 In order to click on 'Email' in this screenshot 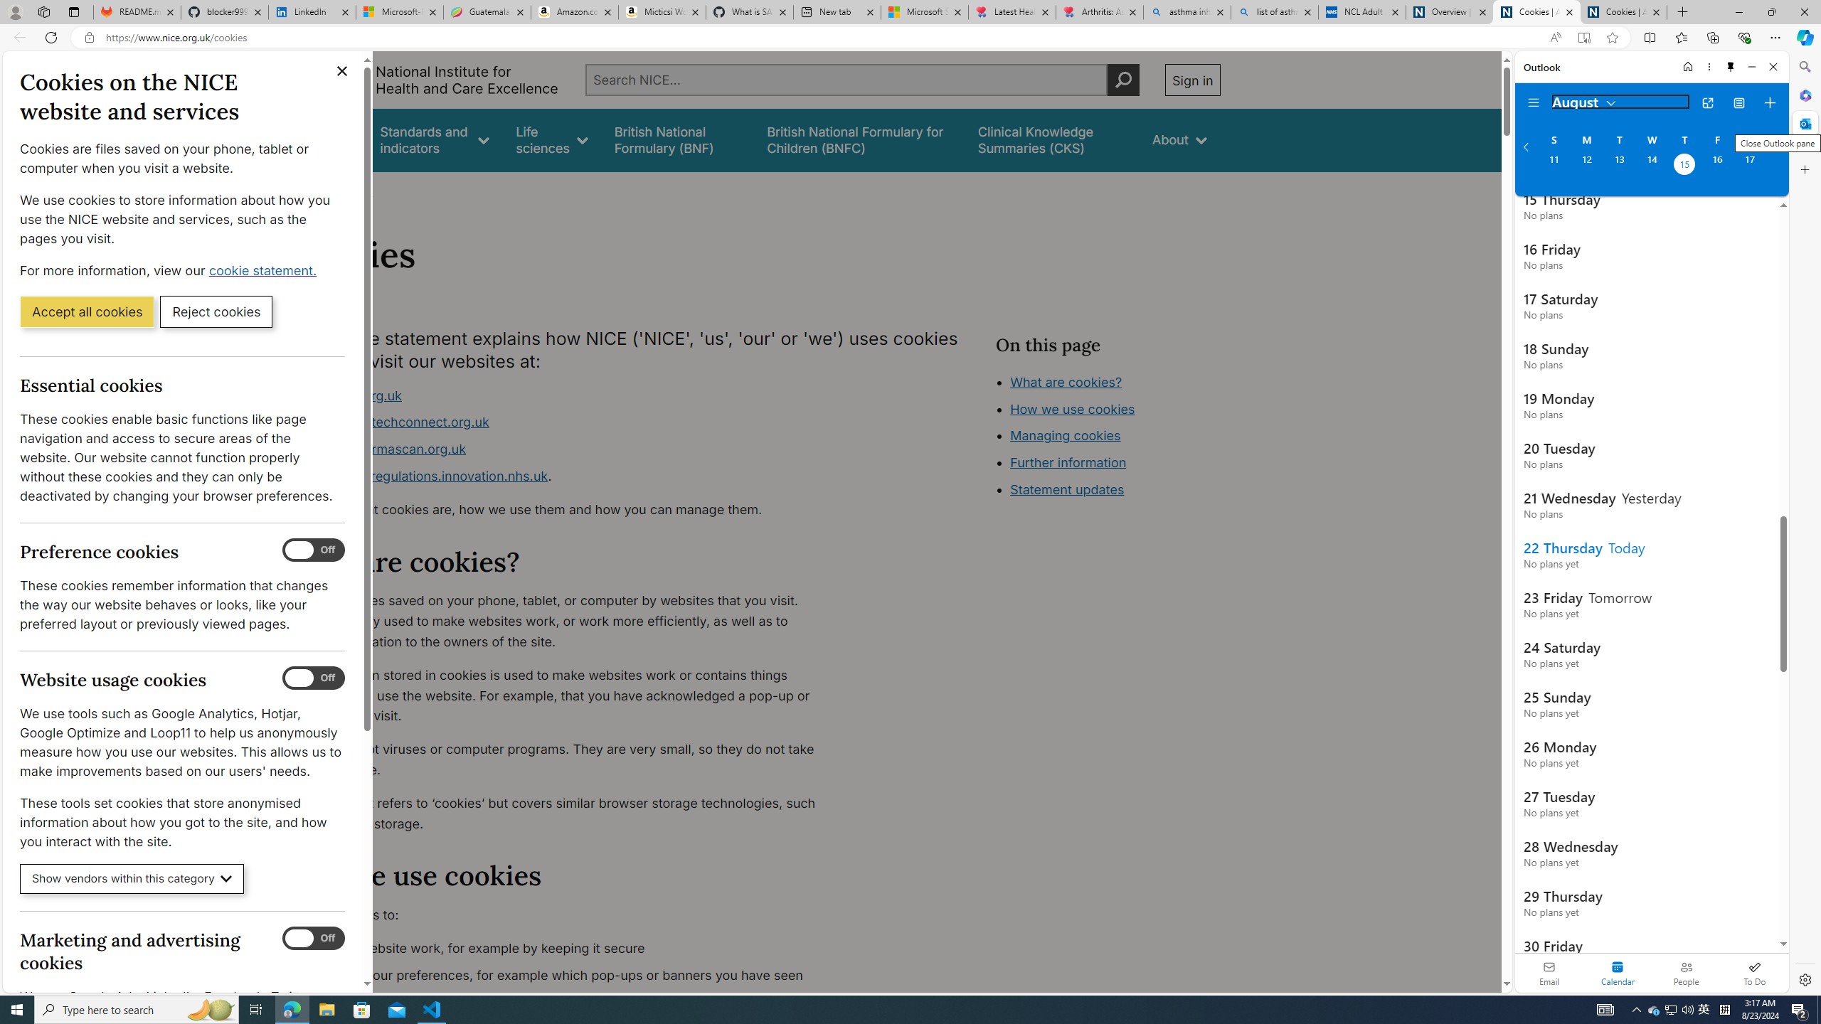, I will do `click(1549, 972)`.